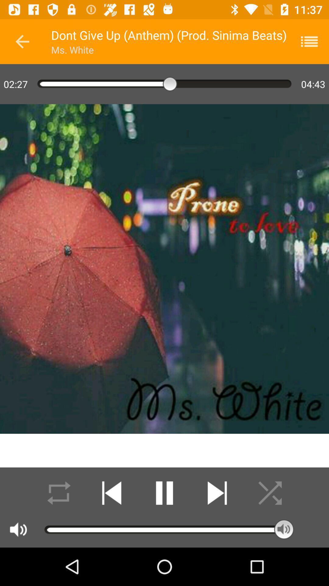 The width and height of the screenshot is (329, 586). What do you see at coordinates (22, 41) in the screenshot?
I see `previous` at bounding box center [22, 41].